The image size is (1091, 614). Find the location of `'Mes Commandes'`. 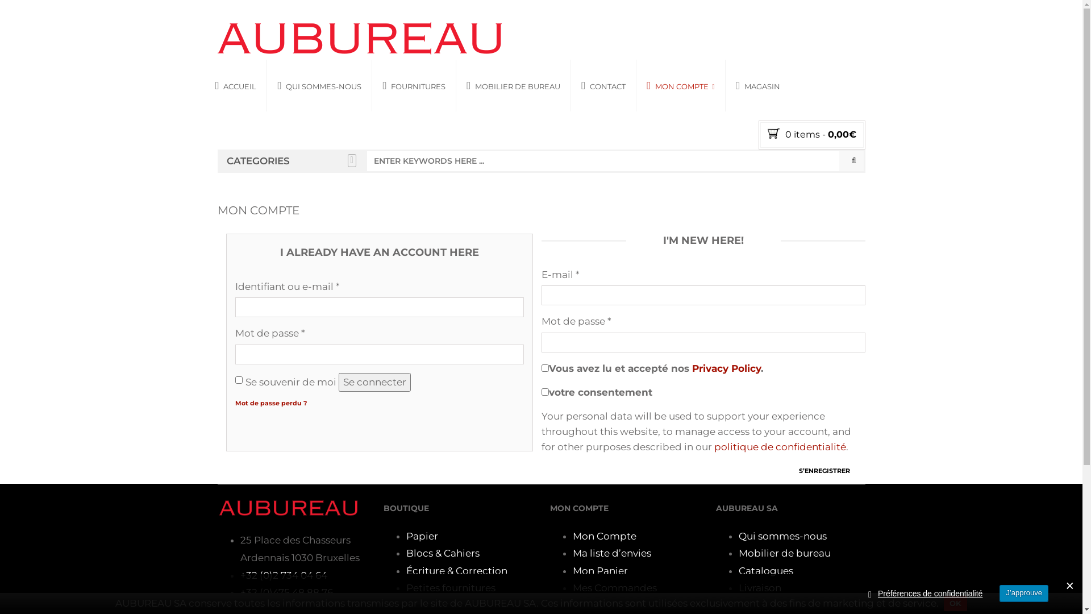

'Mes Commandes' is located at coordinates (614, 587).